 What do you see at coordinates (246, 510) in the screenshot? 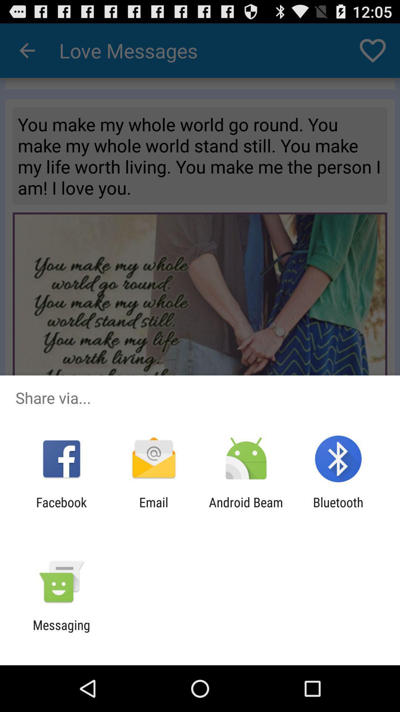
I see `the app to the left of bluetooth icon` at bounding box center [246, 510].